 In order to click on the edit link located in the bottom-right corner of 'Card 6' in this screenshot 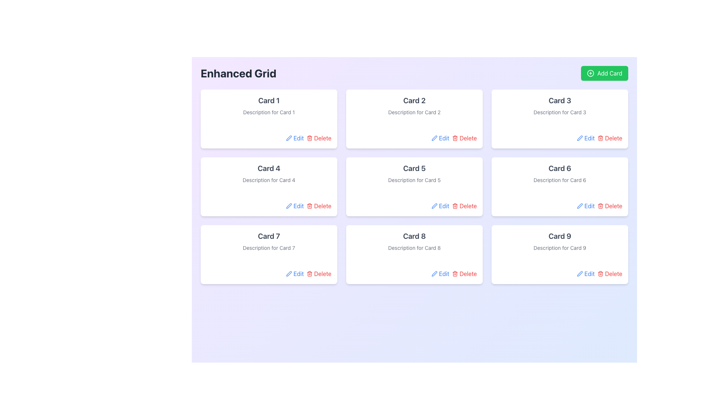, I will do `click(585, 206)`.